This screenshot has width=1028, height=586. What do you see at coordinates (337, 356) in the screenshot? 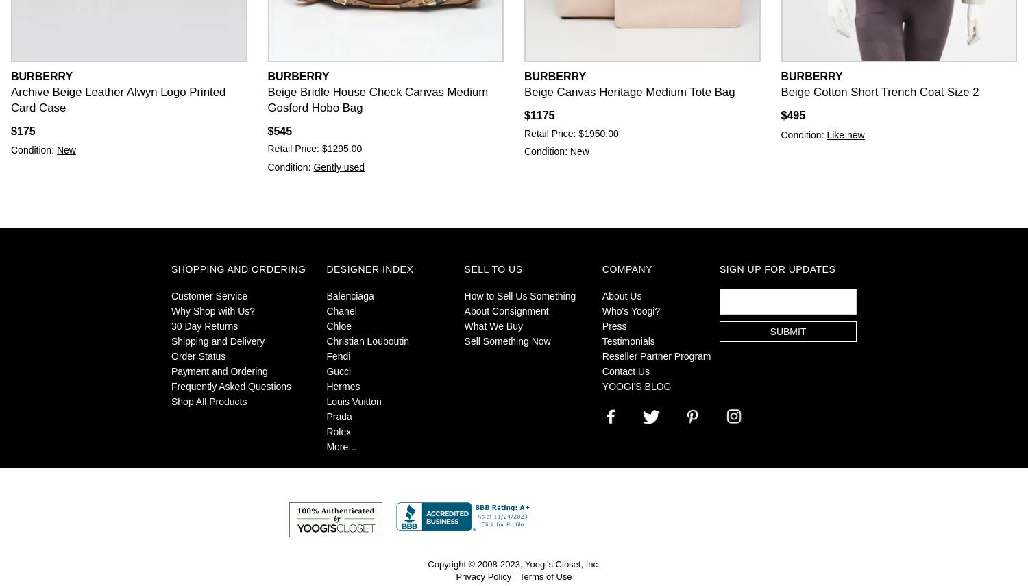
I see `'Fendi'` at bounding box center [337, 356].